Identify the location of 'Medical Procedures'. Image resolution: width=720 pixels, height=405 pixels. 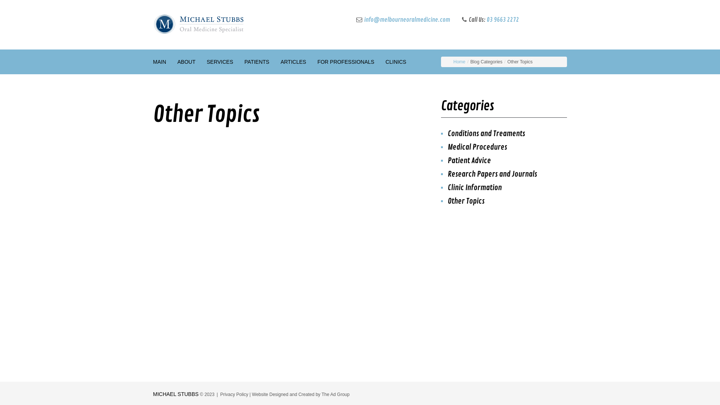
(477, 147).